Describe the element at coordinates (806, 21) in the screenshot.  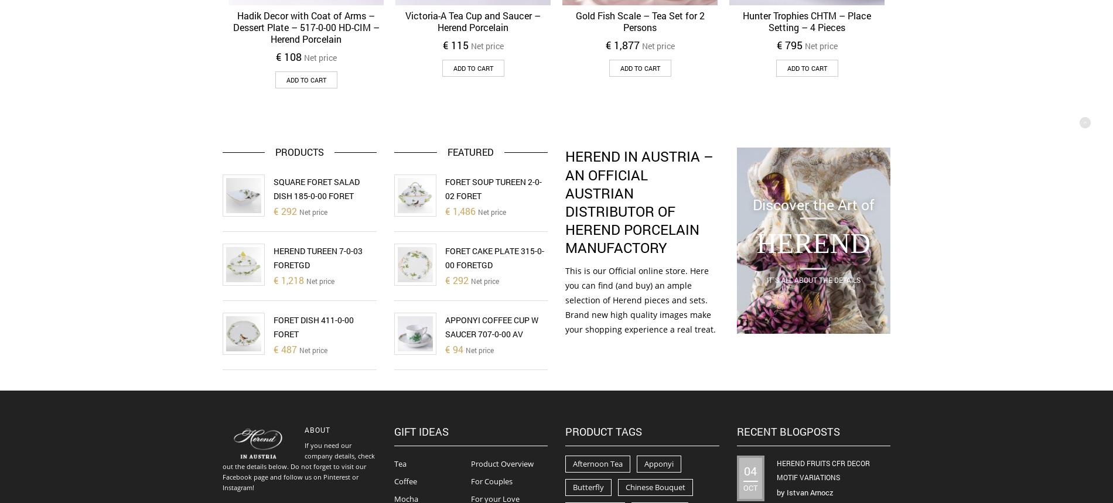
I see `'Hunter Trophies CHTM – Place Setting – 4 Pieces'` at that location.